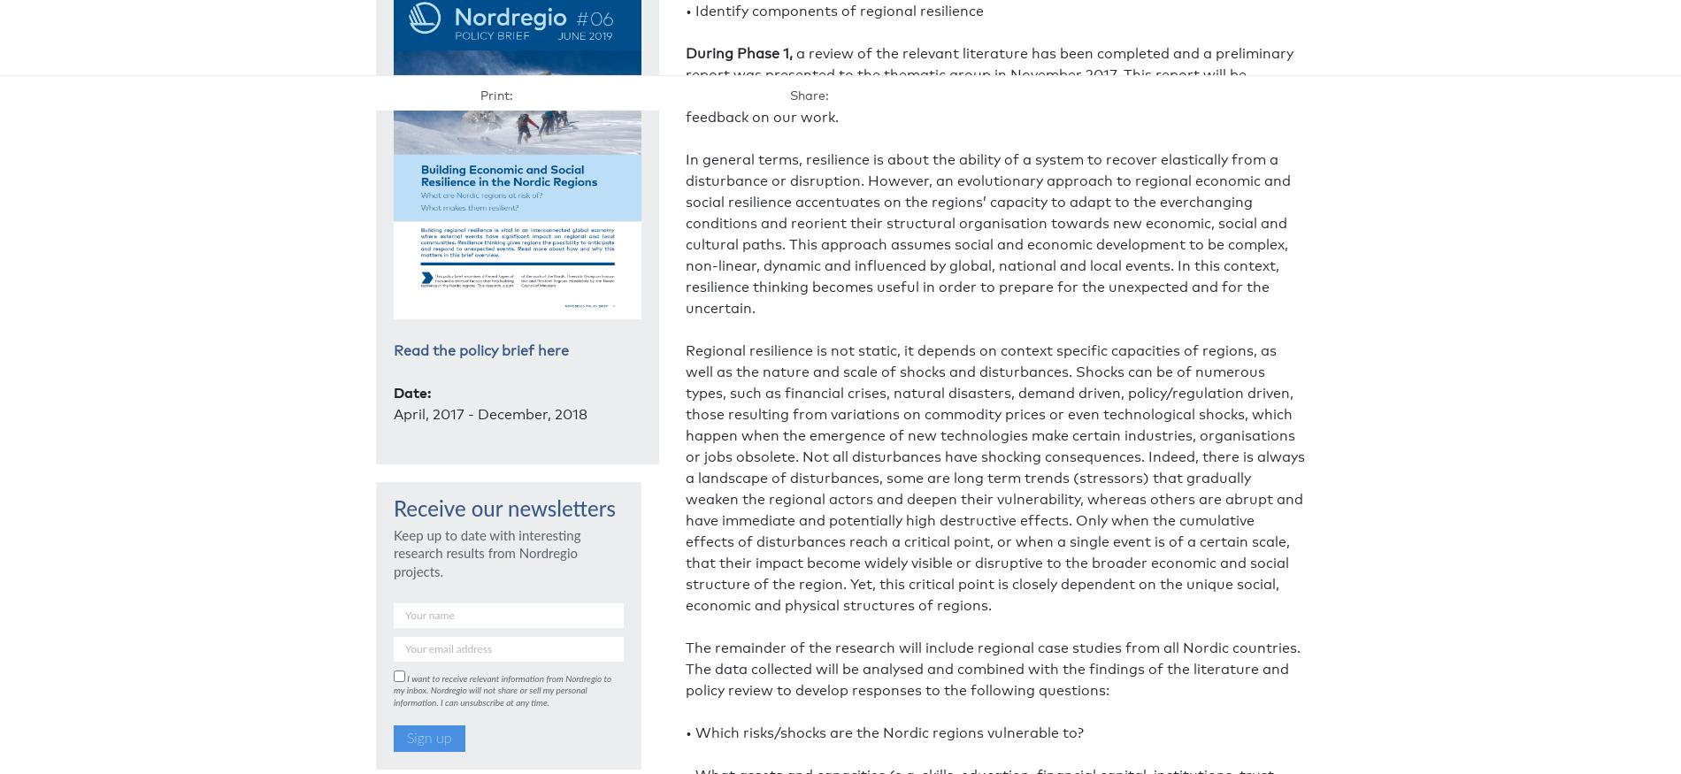  What do you see at coordinates (392, 510) in the screenshot?
I see `'Receive our newsletters'` at bounding box center [392, 510].